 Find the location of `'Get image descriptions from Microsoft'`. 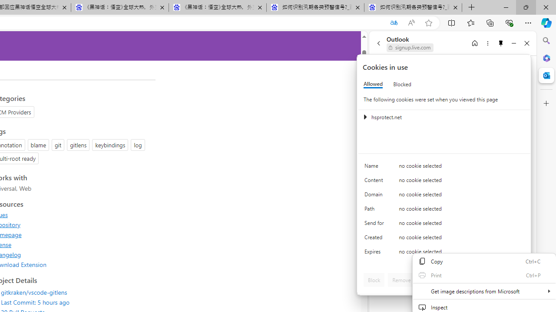

'Get image descriptions from Microsoft' is located at coordinates (483, 291).